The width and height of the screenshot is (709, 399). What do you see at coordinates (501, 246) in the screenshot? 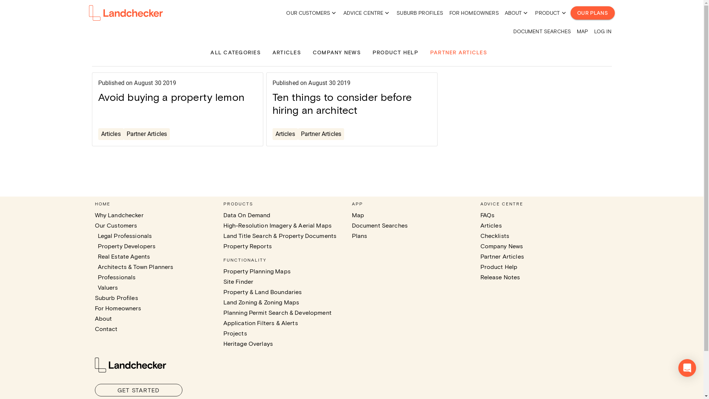
I see `'Company News'` at bounding box center [501, 246].